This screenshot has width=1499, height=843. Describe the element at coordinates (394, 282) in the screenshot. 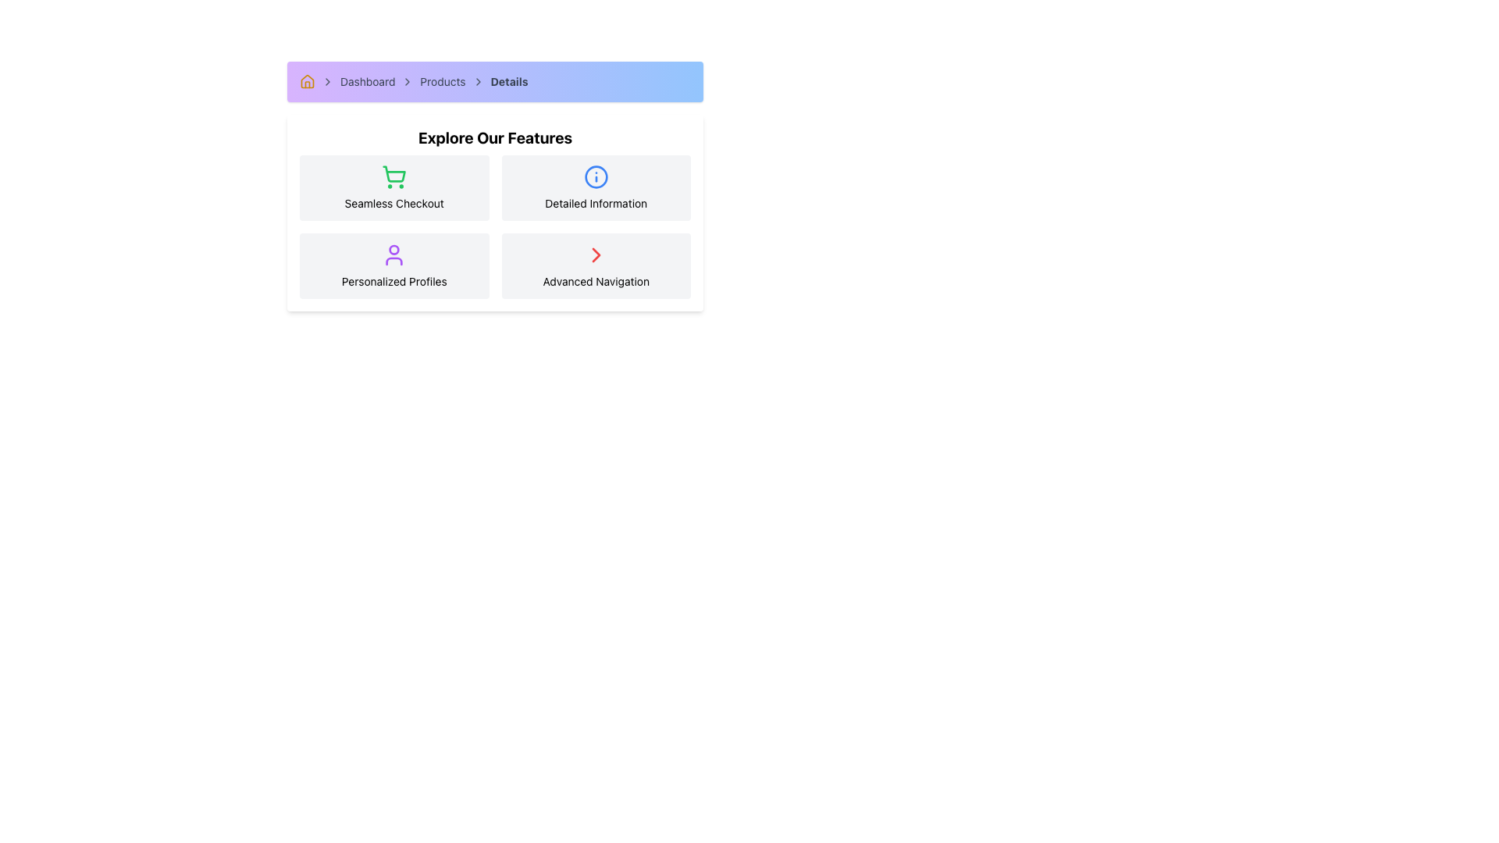

I see `the 'Personalized Profiles' text label located below the user icon in the bottom-left quadrant of the card layout` at that location.